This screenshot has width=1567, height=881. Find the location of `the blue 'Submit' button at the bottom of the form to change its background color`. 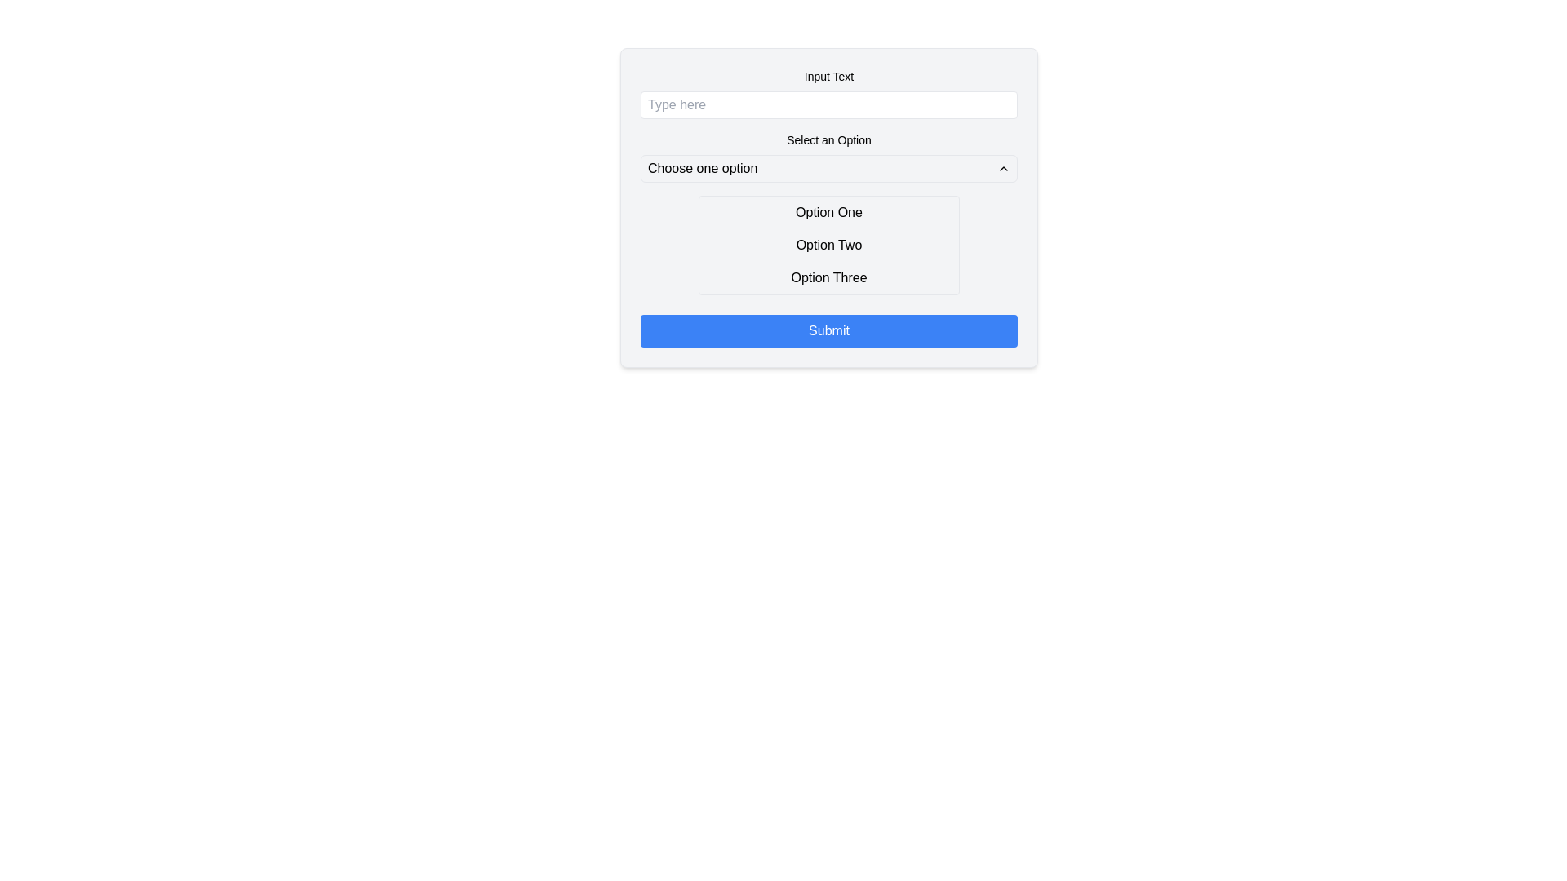

the blue 'Submit' button at the bottom of the form to change its background color is located at coordinates (829, 330).